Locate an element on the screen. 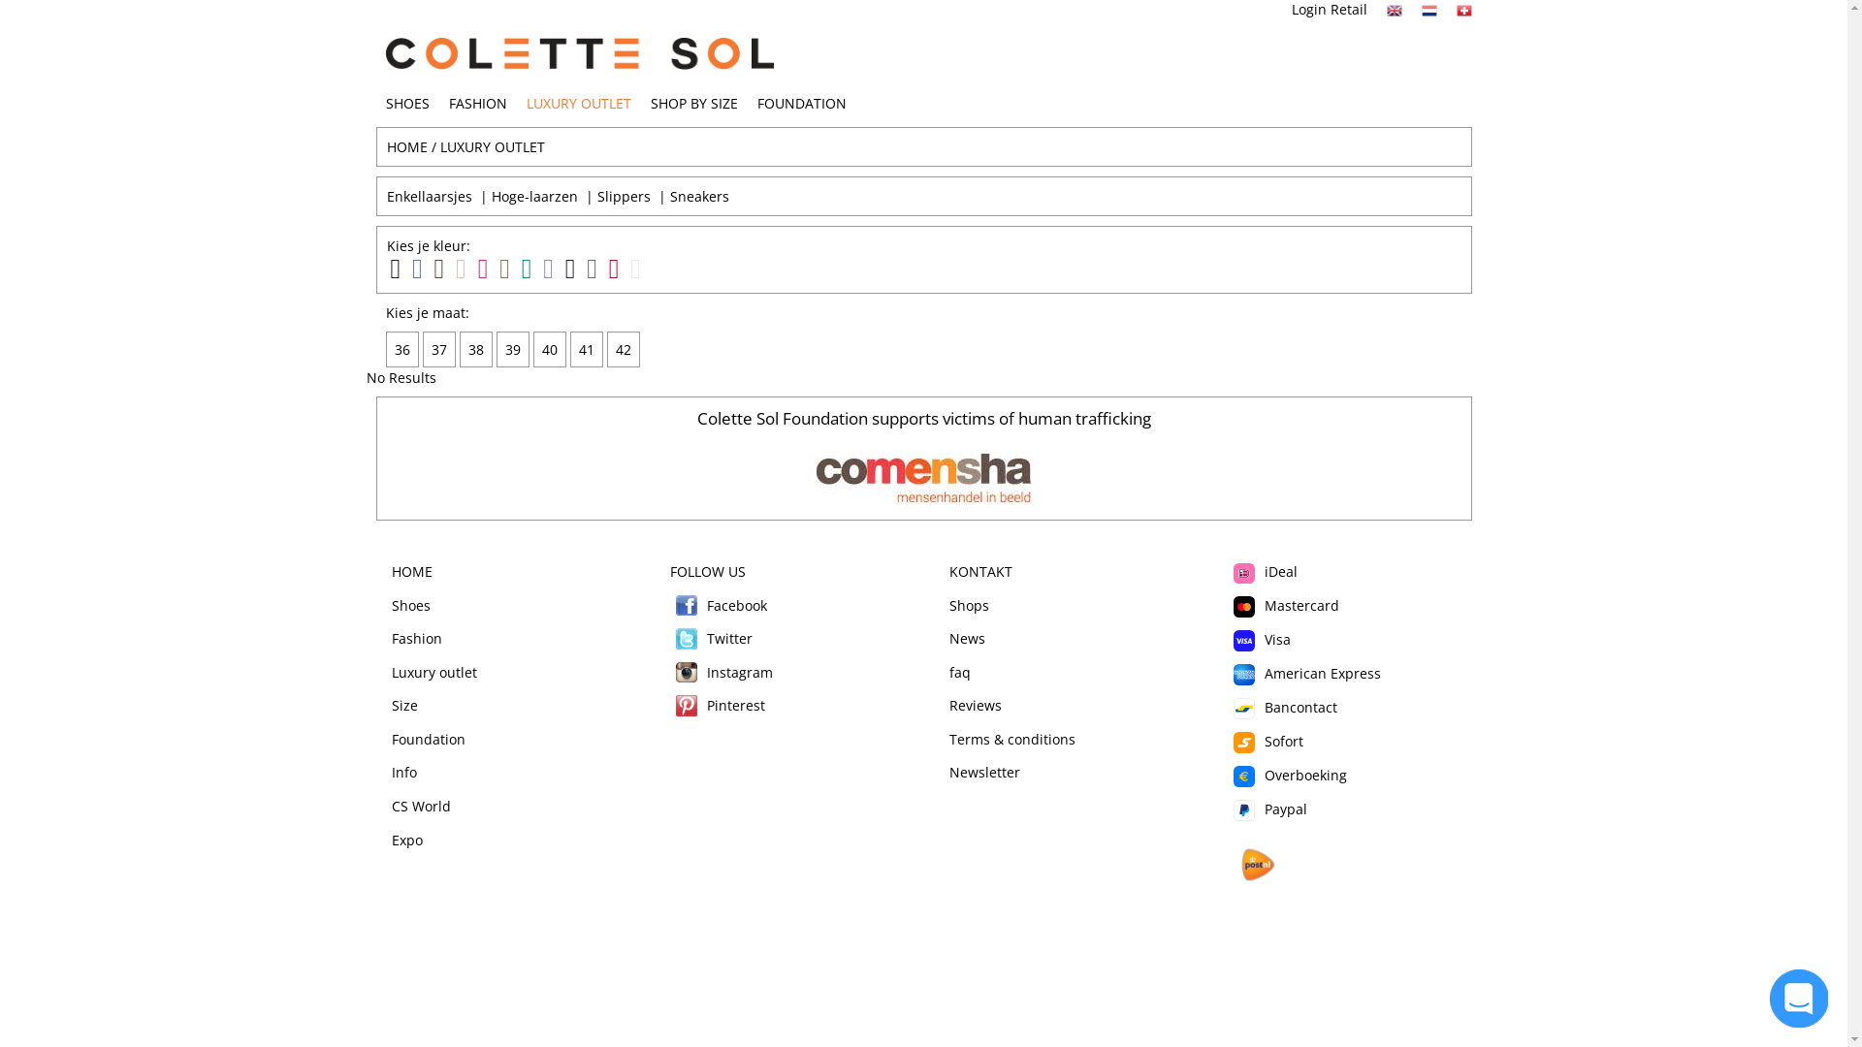  '38 ' is located at coordinates (478, 349).